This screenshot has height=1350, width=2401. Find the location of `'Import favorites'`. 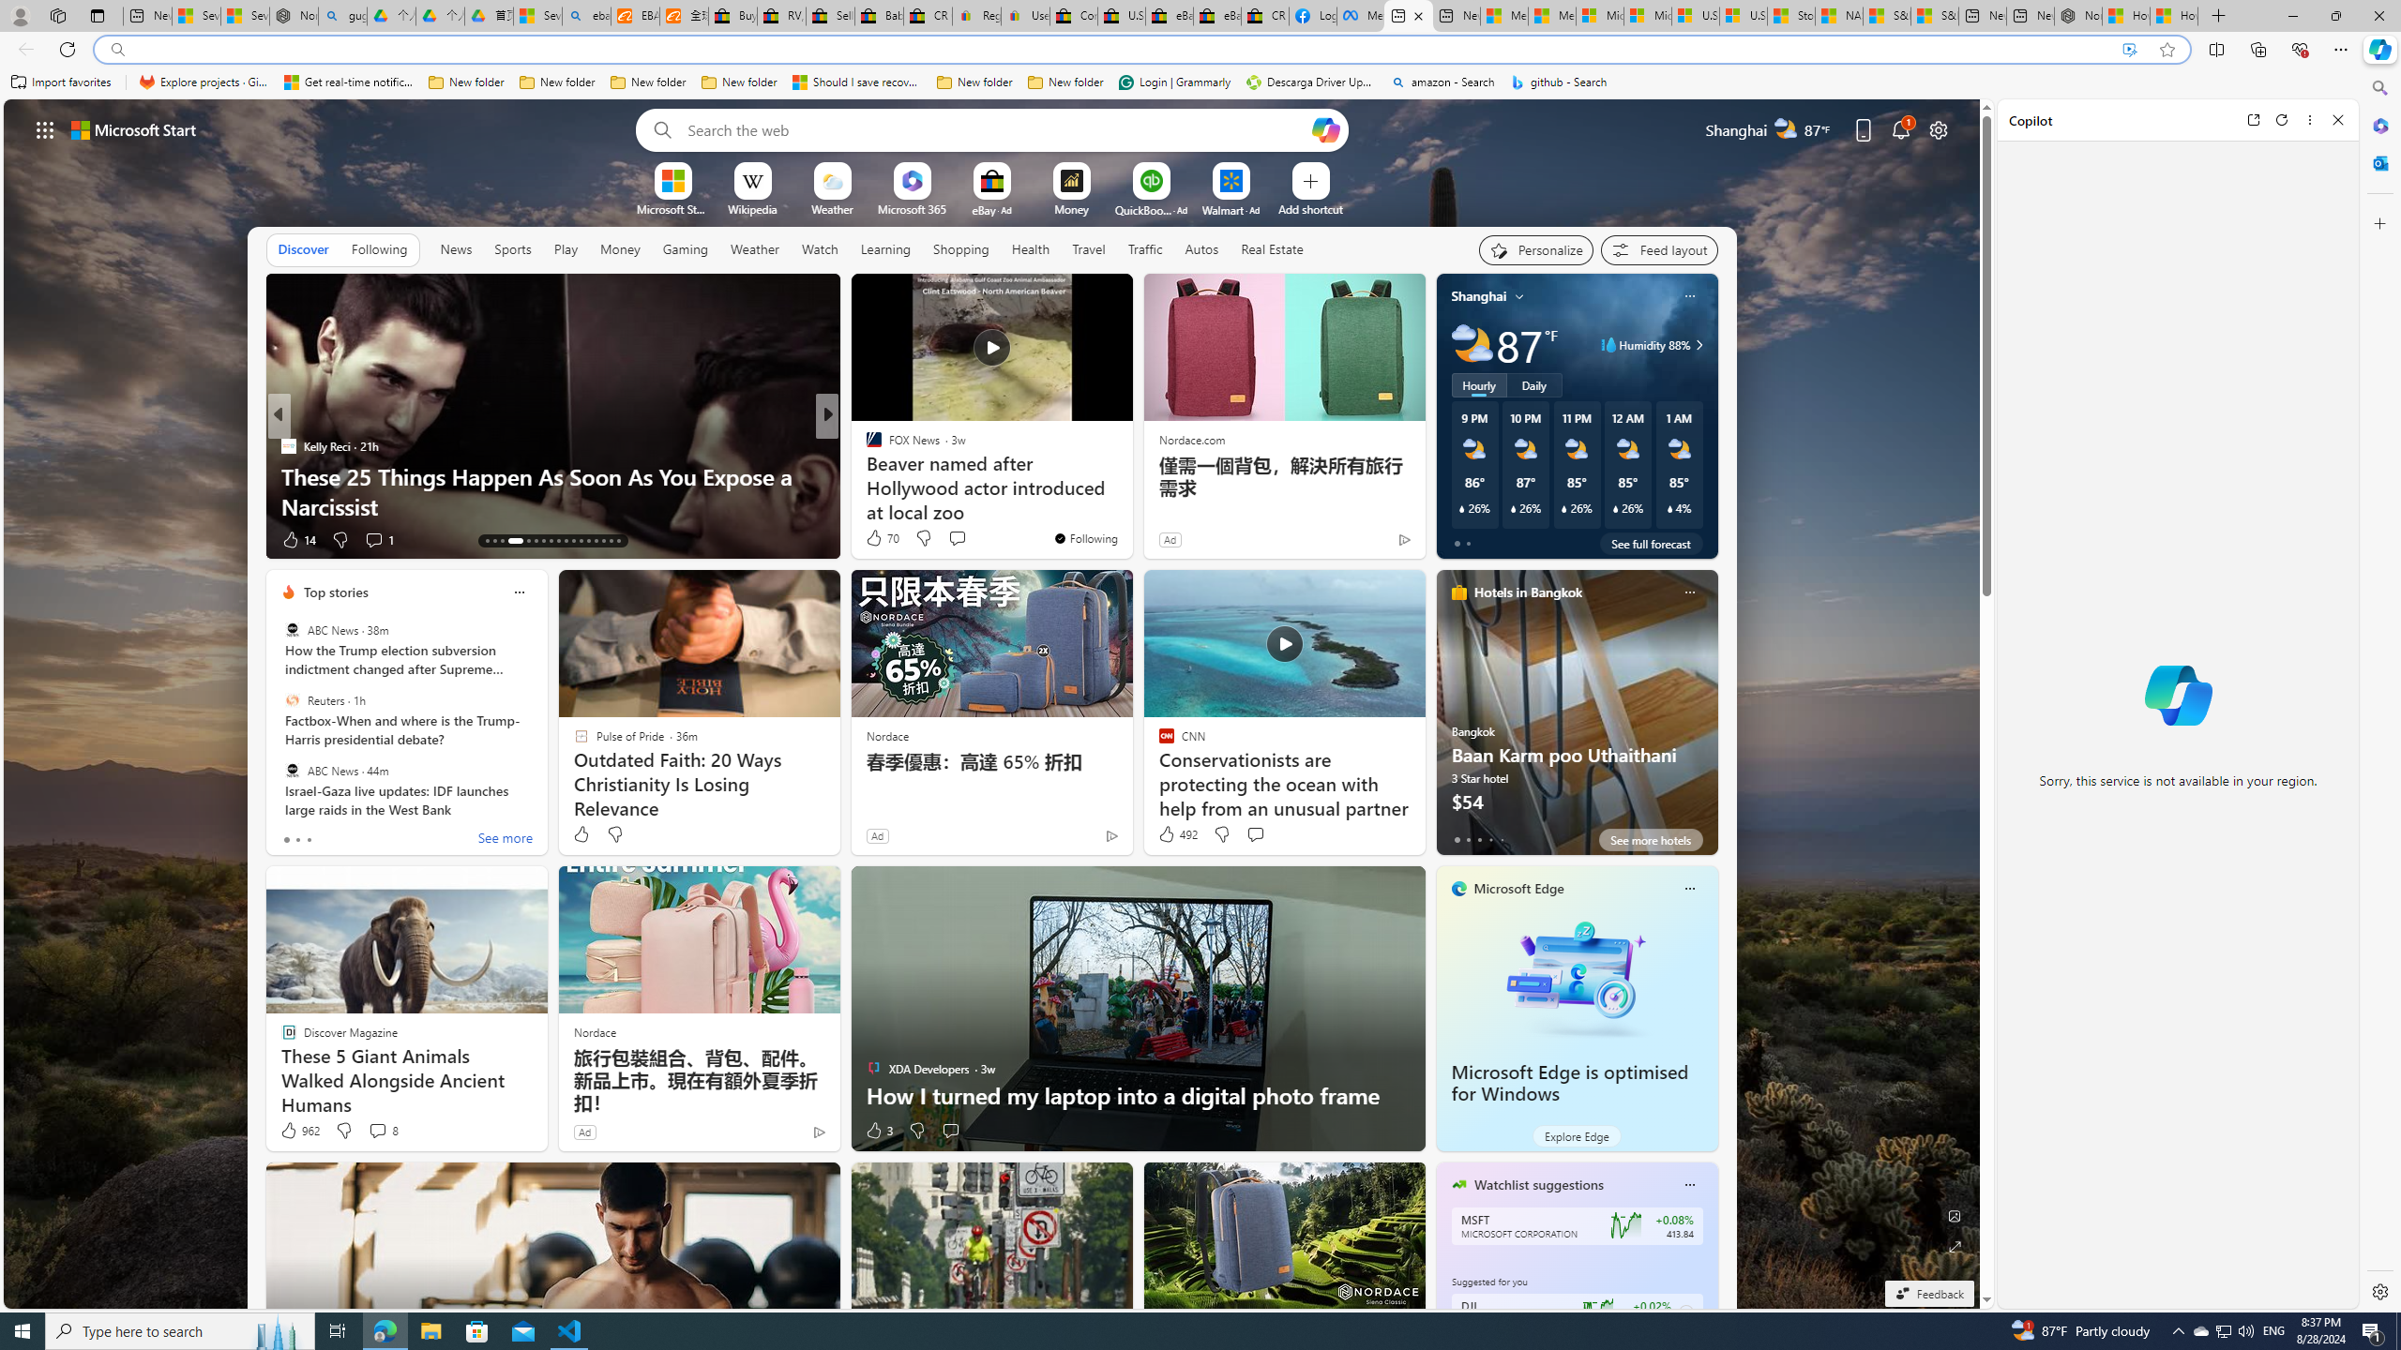

'Import favorites' is located at coordinates (61, 82).